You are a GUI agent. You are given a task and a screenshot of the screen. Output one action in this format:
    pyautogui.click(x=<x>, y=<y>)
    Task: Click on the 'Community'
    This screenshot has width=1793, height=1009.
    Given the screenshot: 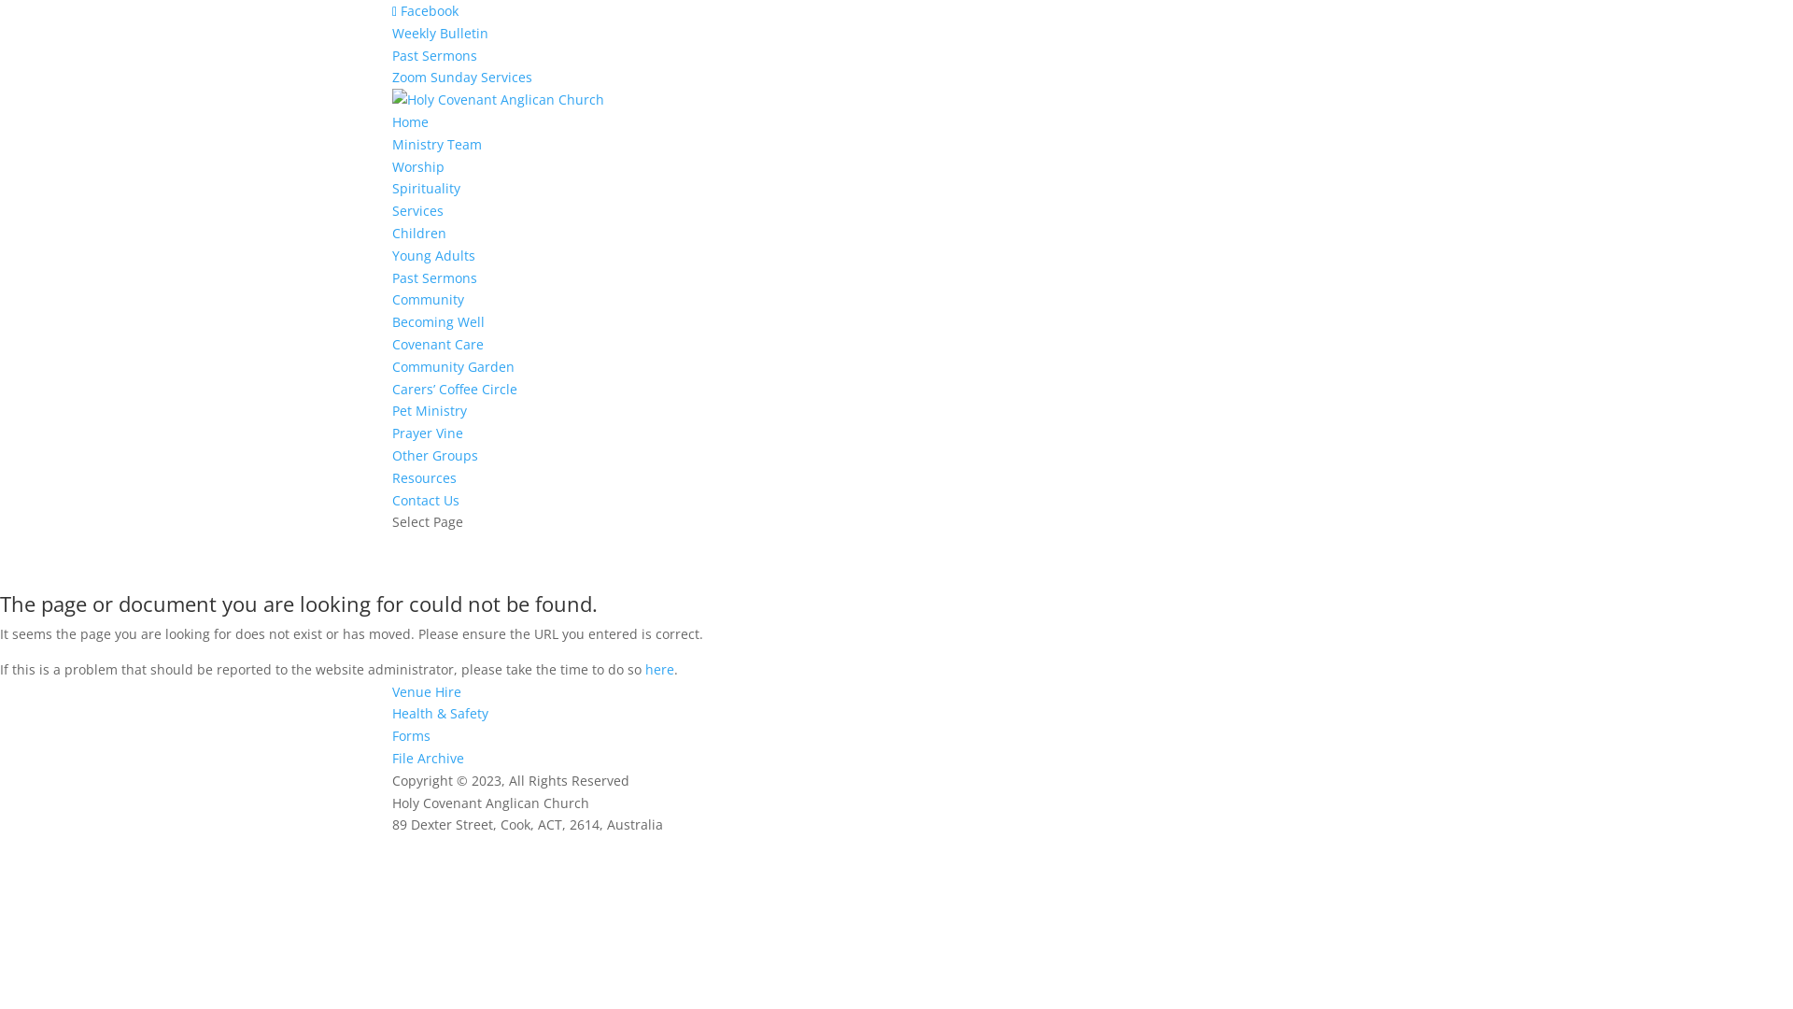 What is the action you would take?
    pyautogui.click(x=427, y=298)
    